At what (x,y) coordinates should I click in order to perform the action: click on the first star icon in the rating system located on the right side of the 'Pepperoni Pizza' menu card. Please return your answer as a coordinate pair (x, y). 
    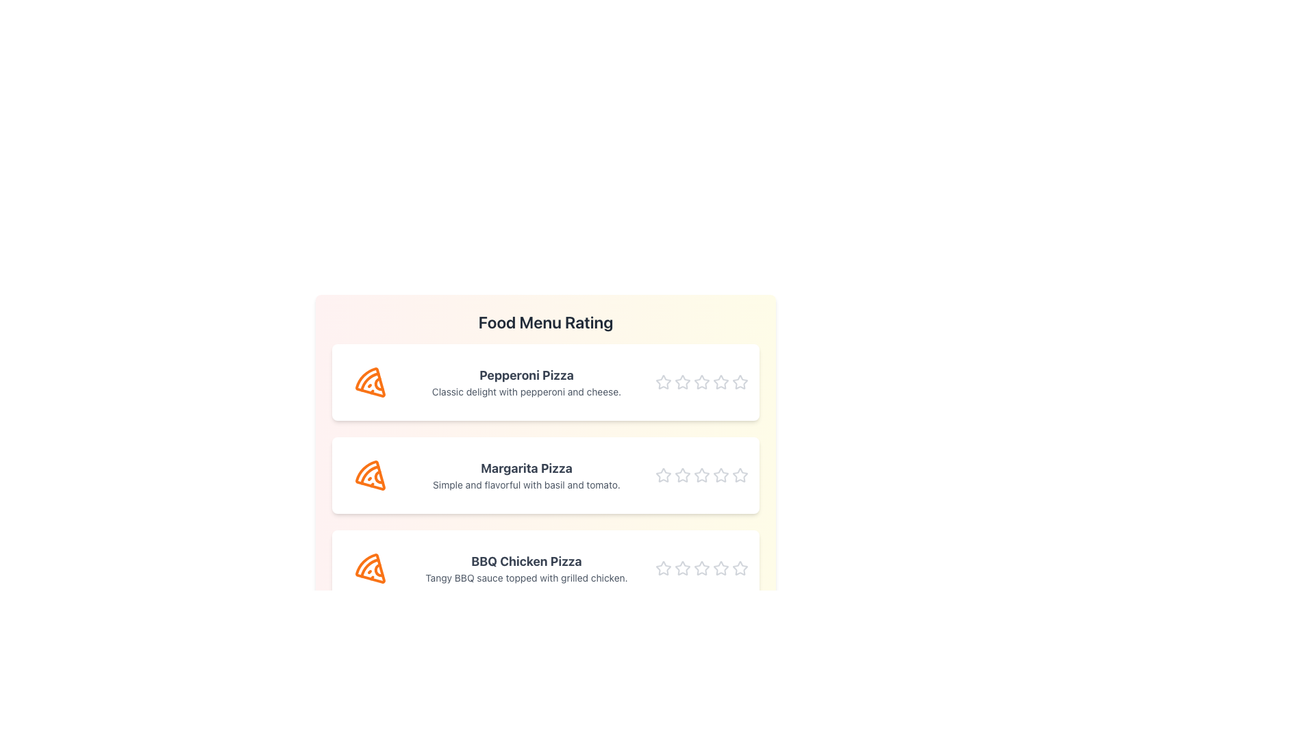
    Looking at the image, I should click on (664, 383).